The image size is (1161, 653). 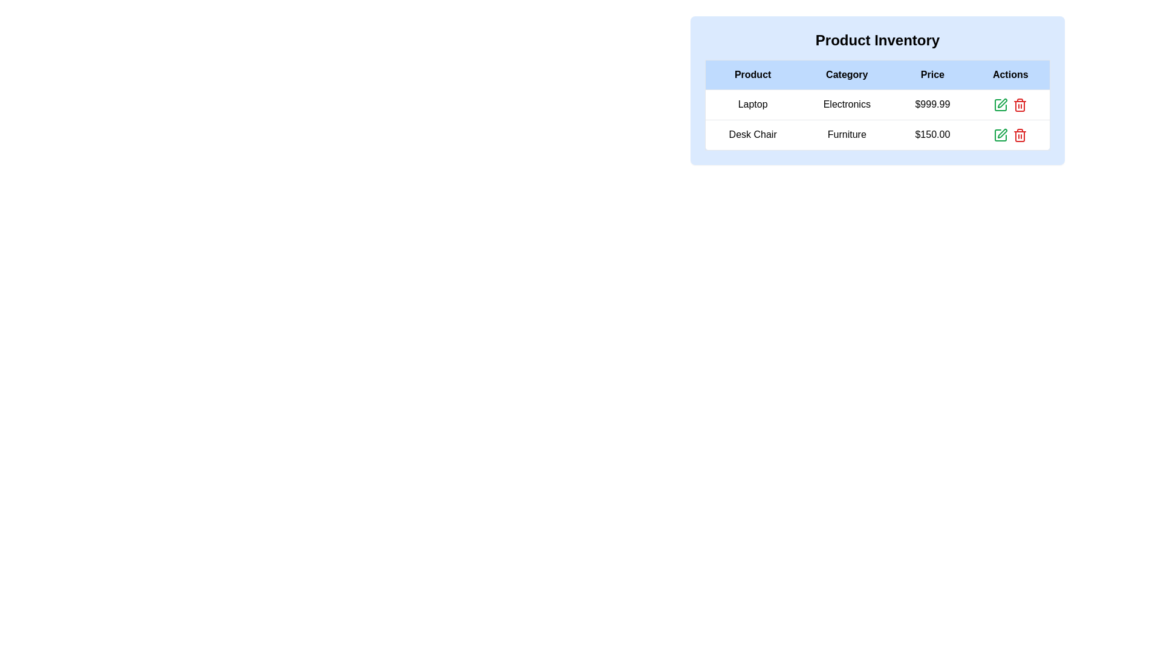 I want to click on the text label displaying the price '$150.00' in the second row of the table under the 'Price' column, which is aligned with the 'Desk Chair' and 'Furniture' columns, so click(x=932, y=135).